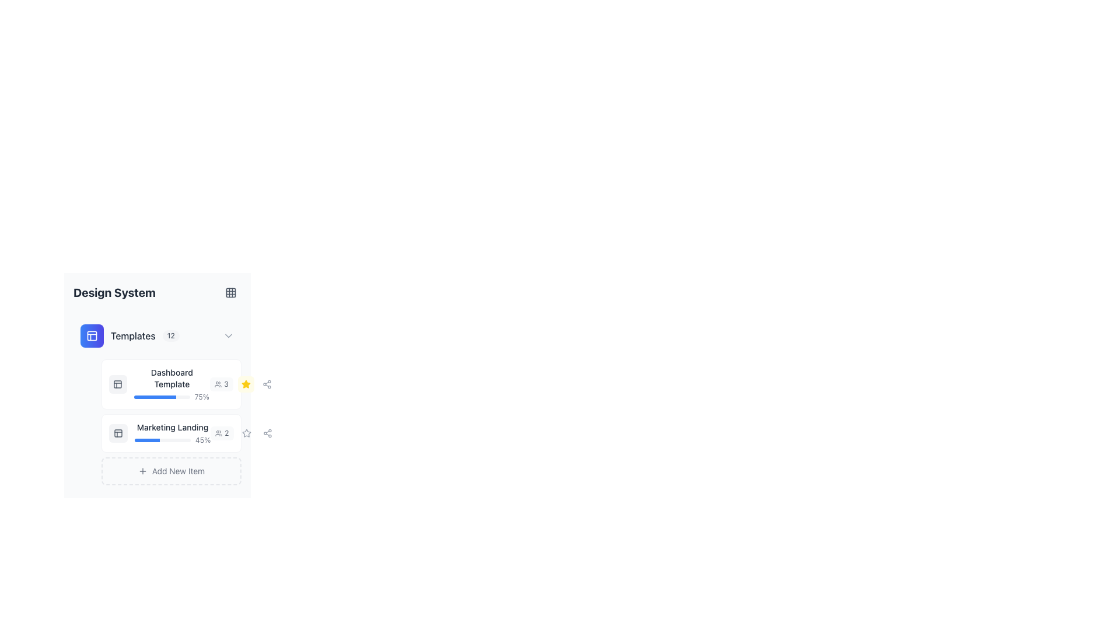 The height and width of the screenshot is (630, 1120). I want to click on the static text label 'Add New Item' which is styled with light gray text and positioned within a bordered box at the bottom of the templates section, so click(178, 470).